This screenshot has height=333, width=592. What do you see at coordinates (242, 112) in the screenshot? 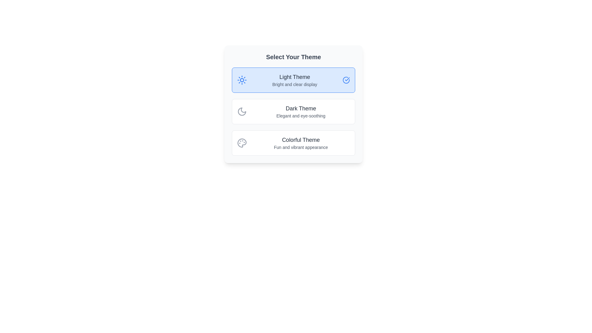
I see `the crescent moon icon representing the 'Dark Theme' option in the theme selection menu` at bounding box center [242, 112].